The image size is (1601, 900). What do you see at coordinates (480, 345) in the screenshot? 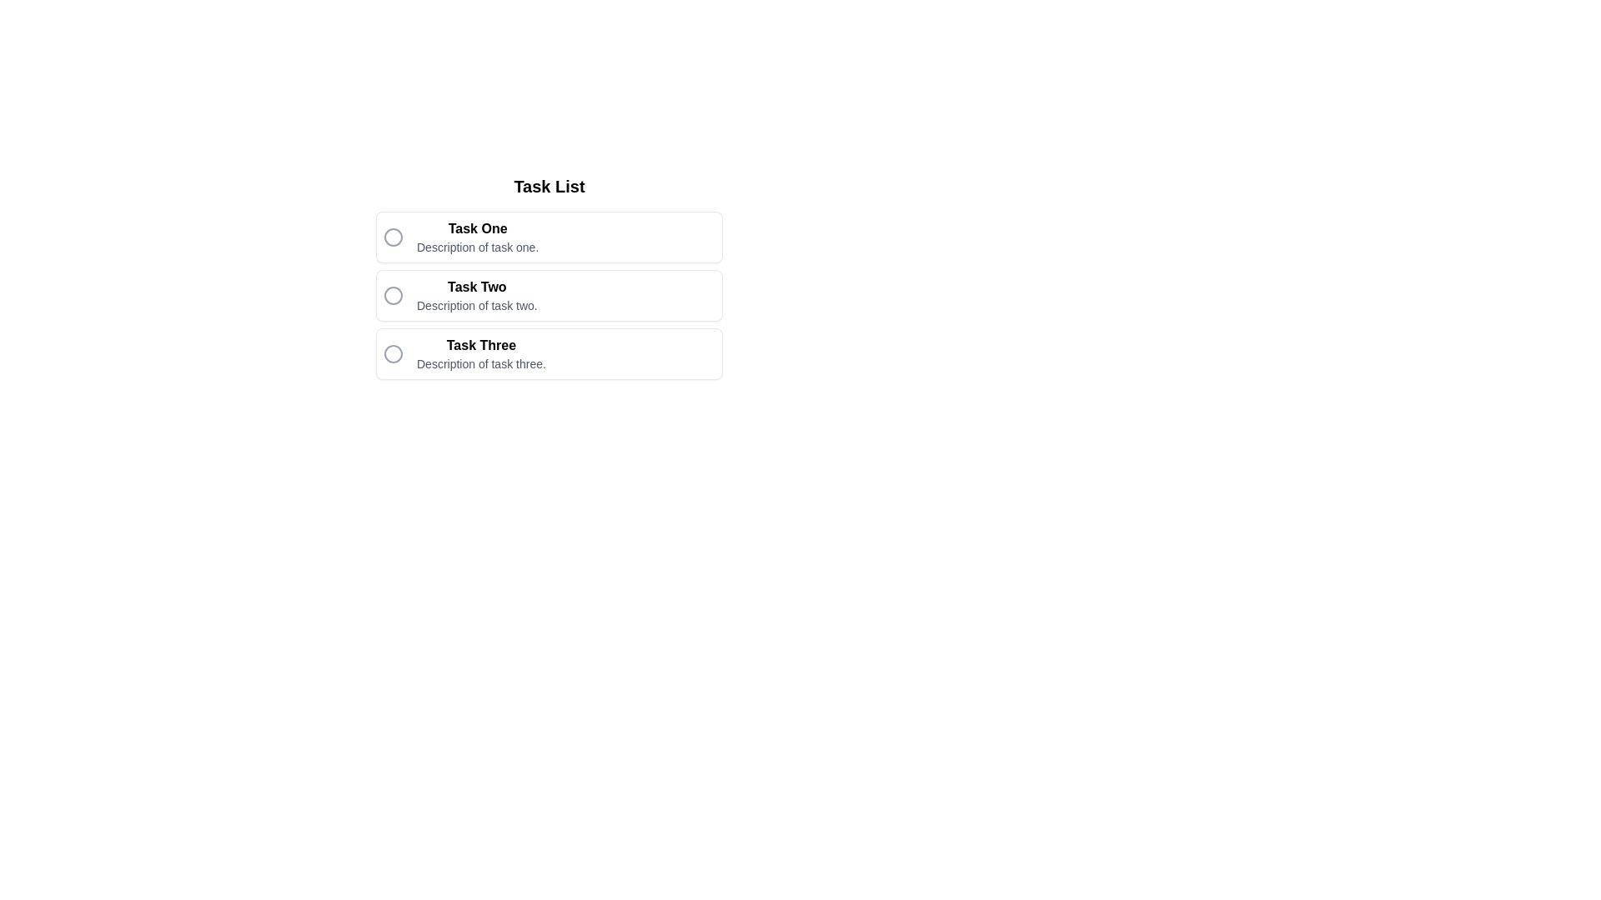
I see `bold text label 'Task Three' located in the third row of the 'Task List', positioned above its corresponding description` at bounding box center [480, 345].